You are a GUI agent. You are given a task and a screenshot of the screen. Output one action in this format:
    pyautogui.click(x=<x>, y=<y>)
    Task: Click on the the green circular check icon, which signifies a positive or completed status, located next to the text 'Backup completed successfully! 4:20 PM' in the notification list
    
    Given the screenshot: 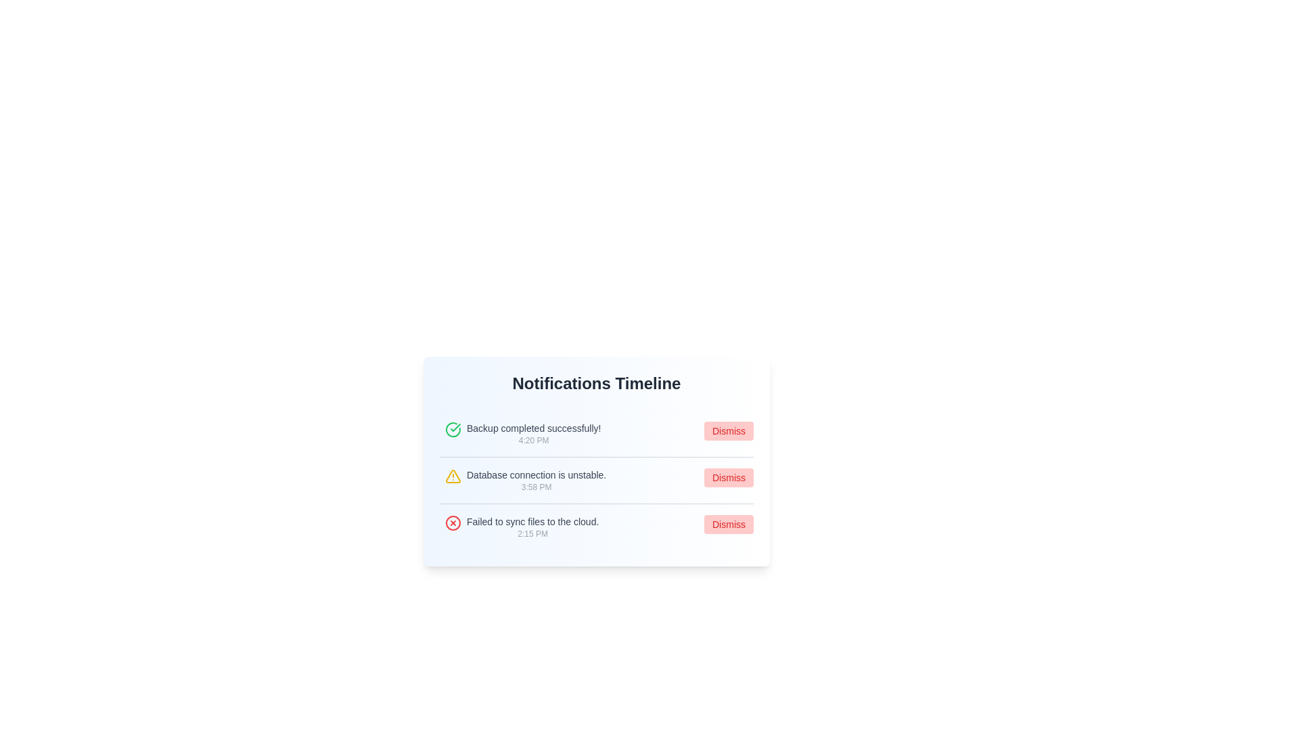 What is the action you would take?
    pyautogui.click(x=453, y=430)
    